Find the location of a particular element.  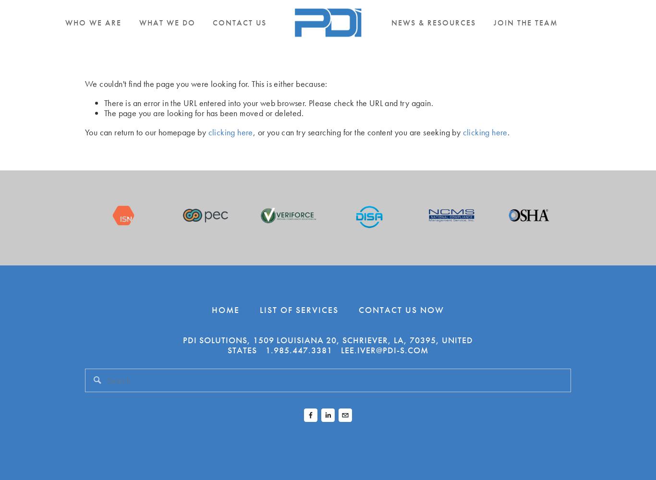

'Who We Are' is located at coordinates (93, 23).